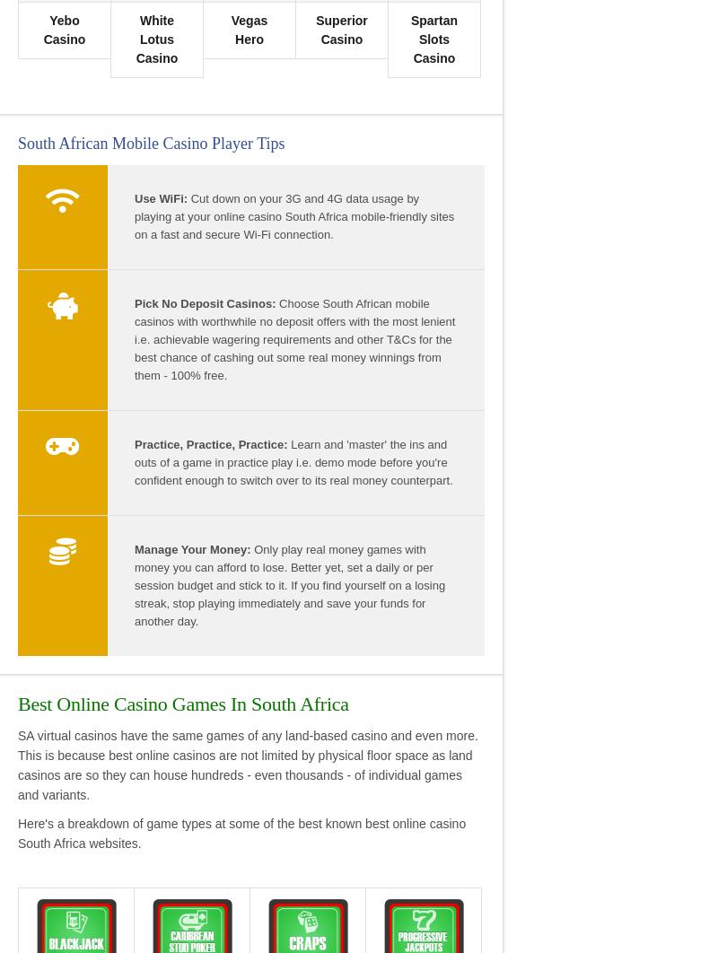 The height and width of the screenshot is (953, 718). What do you see at coordinates (293, 460) in the screenshot?
I see `'Learn and 'master' the ins and outs of a game in practice play i.e. demo mode before you're confident enough to switch over to its real money counterpart.'` at bounding box center [293, 460].